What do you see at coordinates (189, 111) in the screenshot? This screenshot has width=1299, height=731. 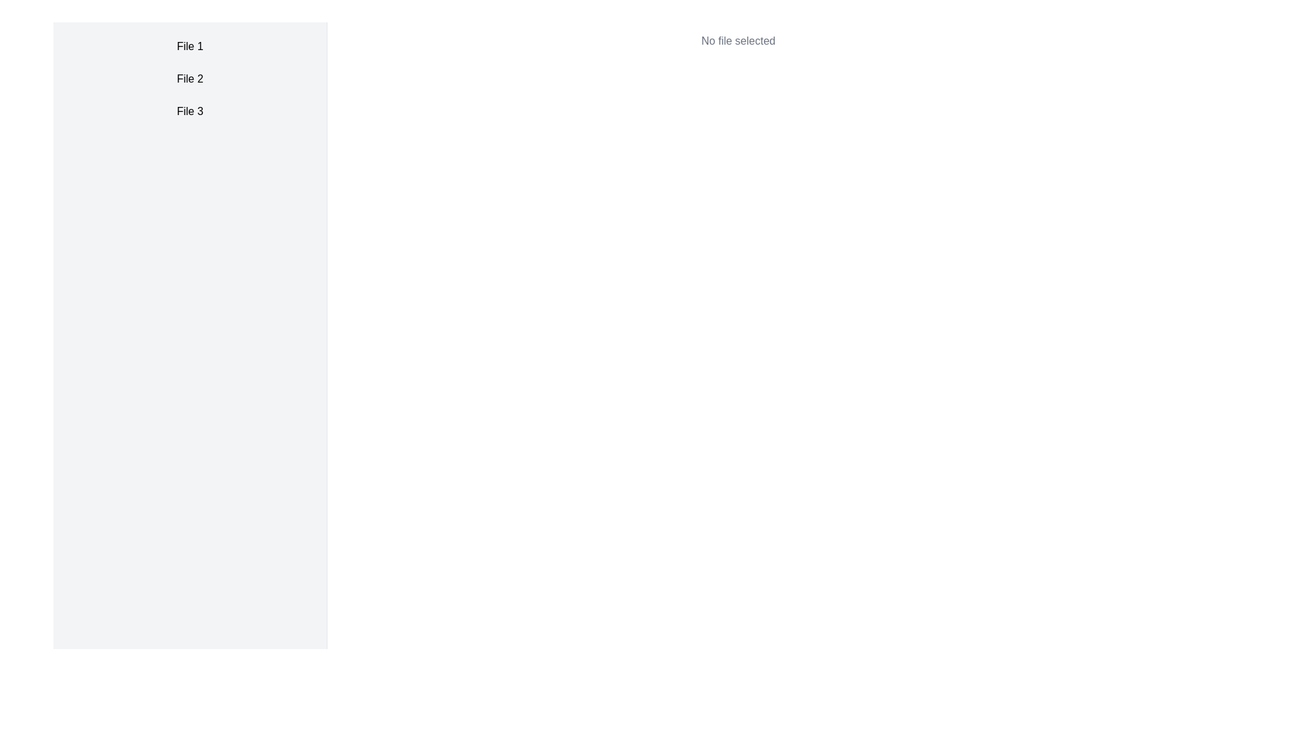 I see `the third item in the list labeled 'File 3' to trigger the hover effect` at bounding box center [189, 111].